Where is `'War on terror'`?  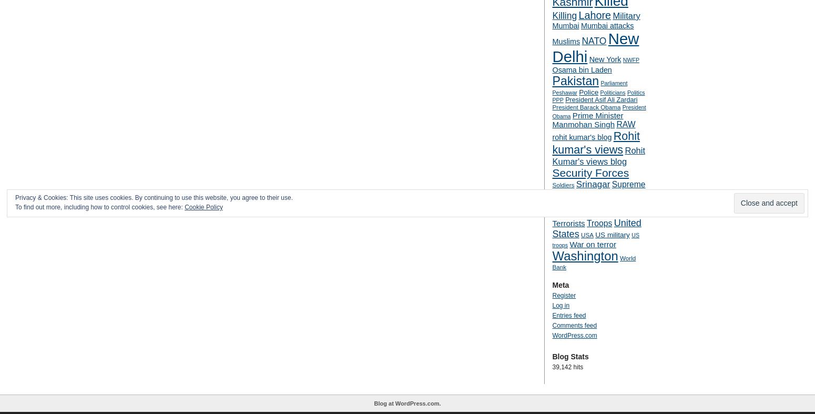
'War on terror' is located at coordinates (569, 244).